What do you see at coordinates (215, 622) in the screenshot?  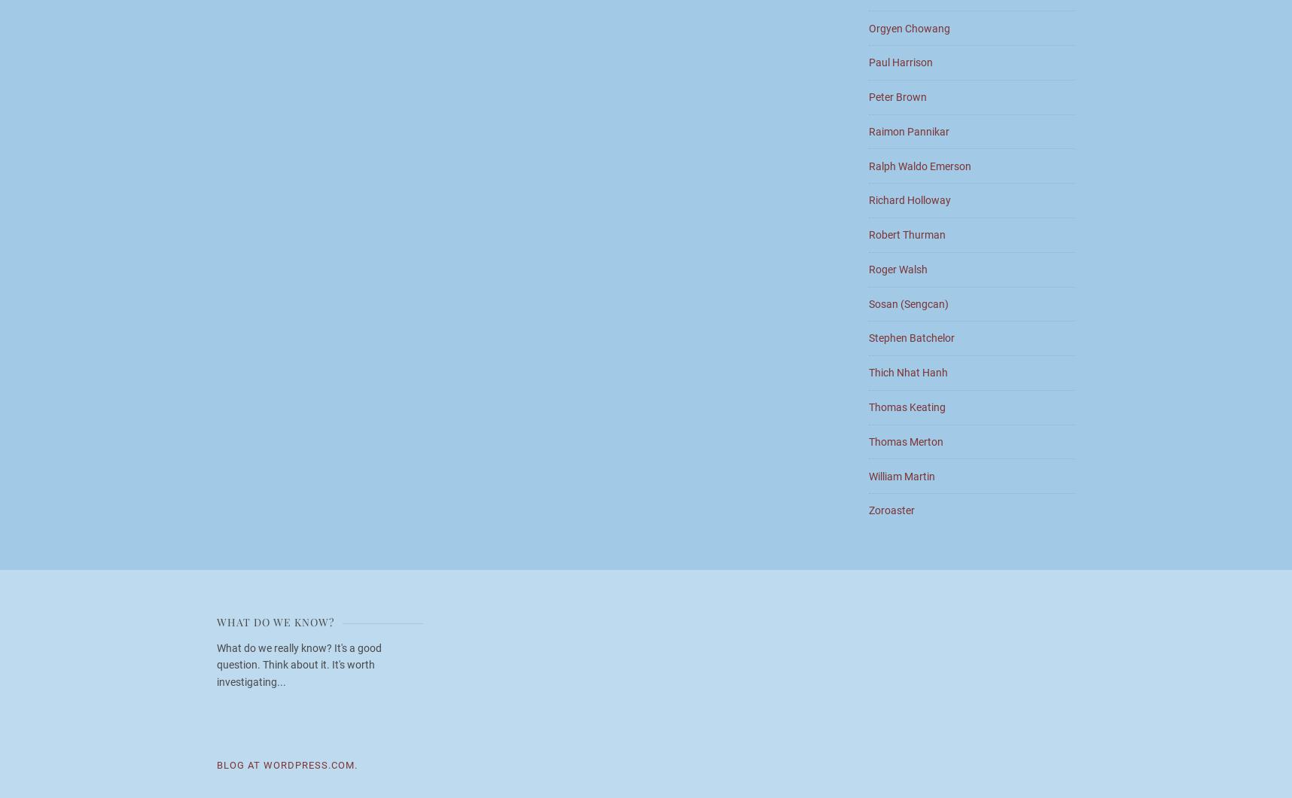 I see `'What do we know?'` at bounding box center [215, 622].